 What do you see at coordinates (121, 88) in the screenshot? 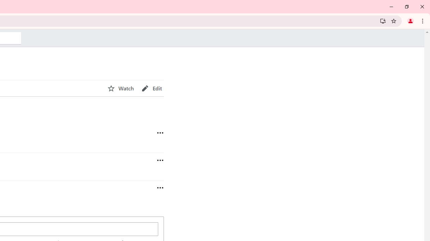
I see `'AutomationID: page-actions-watch'` at bounding box center [121, 88].